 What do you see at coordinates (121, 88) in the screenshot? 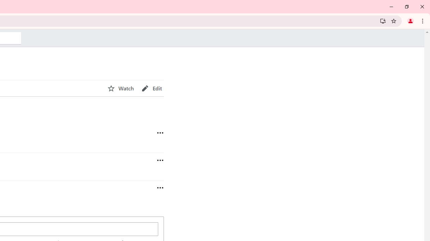
I see `'AutomationID: page-actions-watch'` at bounding box center [121, 88].